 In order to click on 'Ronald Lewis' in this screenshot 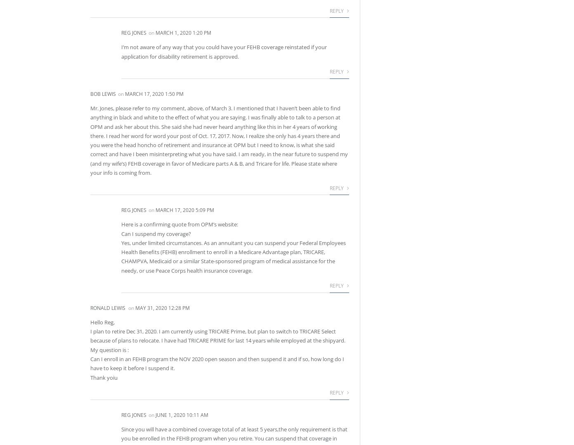, I will do `click(107, 307)`.